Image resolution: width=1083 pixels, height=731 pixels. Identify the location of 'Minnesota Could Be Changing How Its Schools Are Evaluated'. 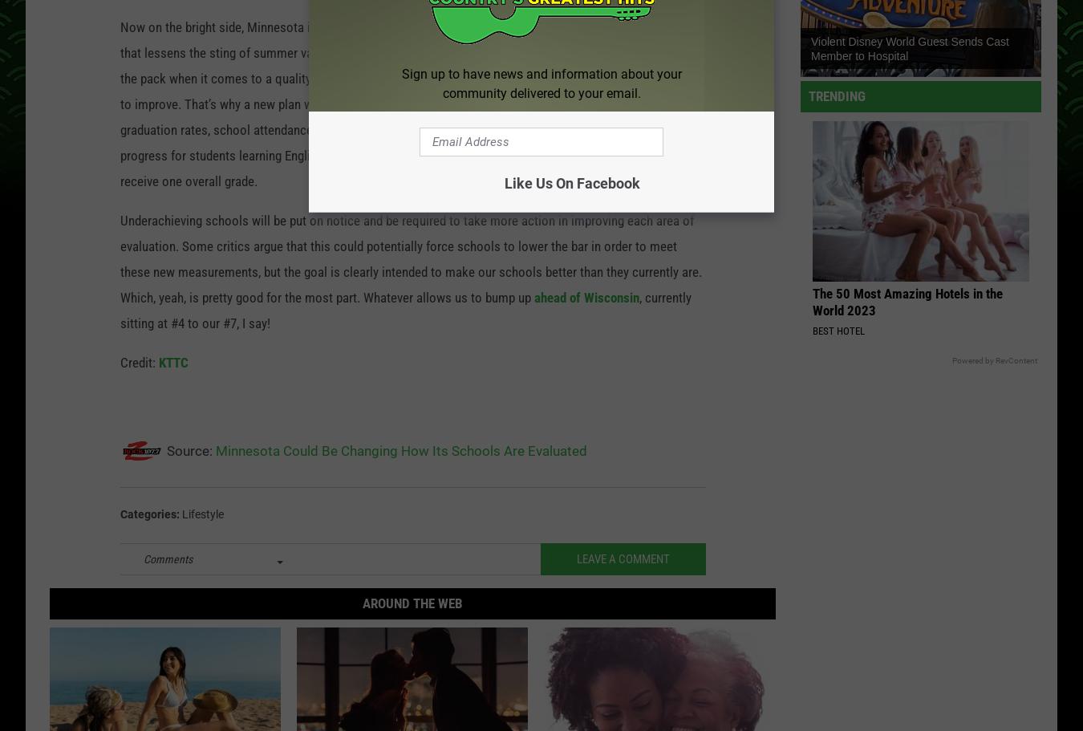
(215, 453).